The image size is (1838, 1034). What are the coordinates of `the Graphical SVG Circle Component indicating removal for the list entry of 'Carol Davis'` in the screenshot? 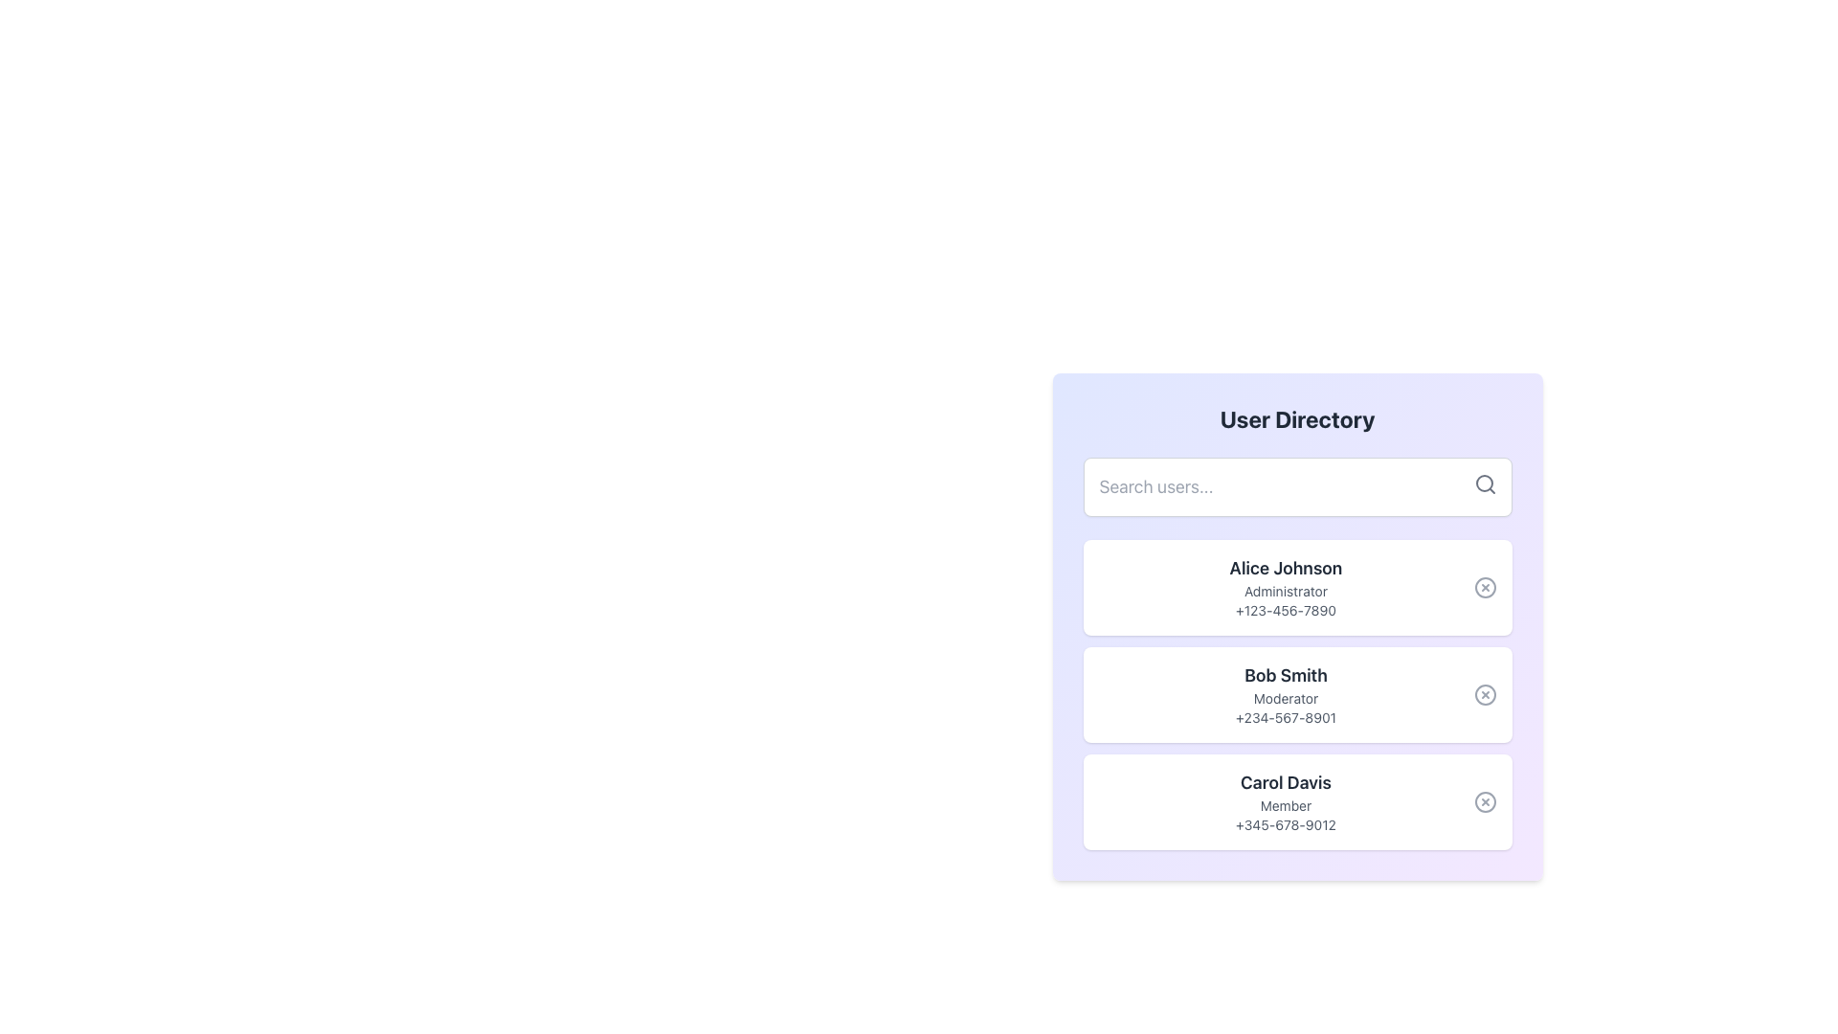 It's located at (1484, 801).